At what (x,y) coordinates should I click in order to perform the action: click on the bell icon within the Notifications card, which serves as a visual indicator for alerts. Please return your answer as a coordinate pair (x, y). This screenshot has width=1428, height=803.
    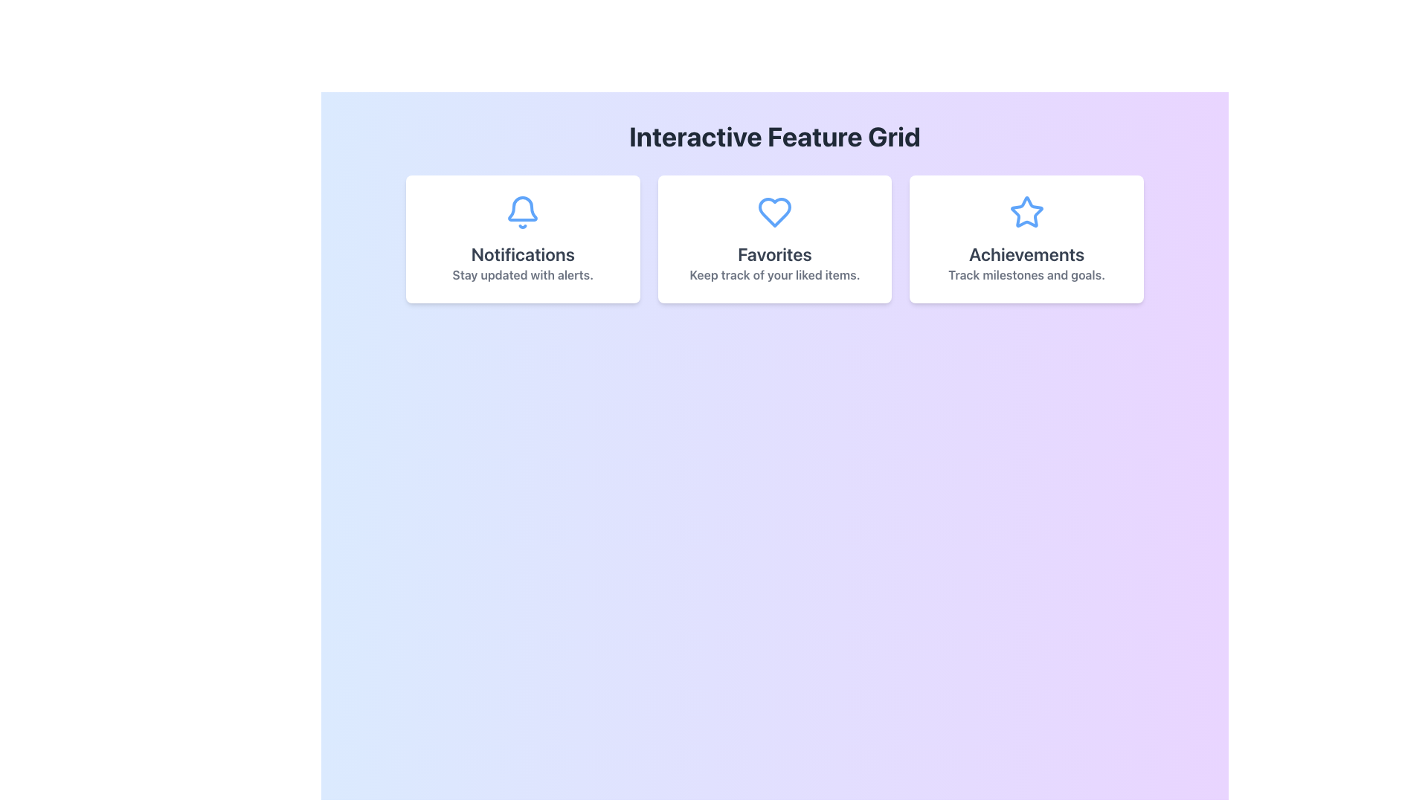
    Looking at the image, I should click on (523, 209).